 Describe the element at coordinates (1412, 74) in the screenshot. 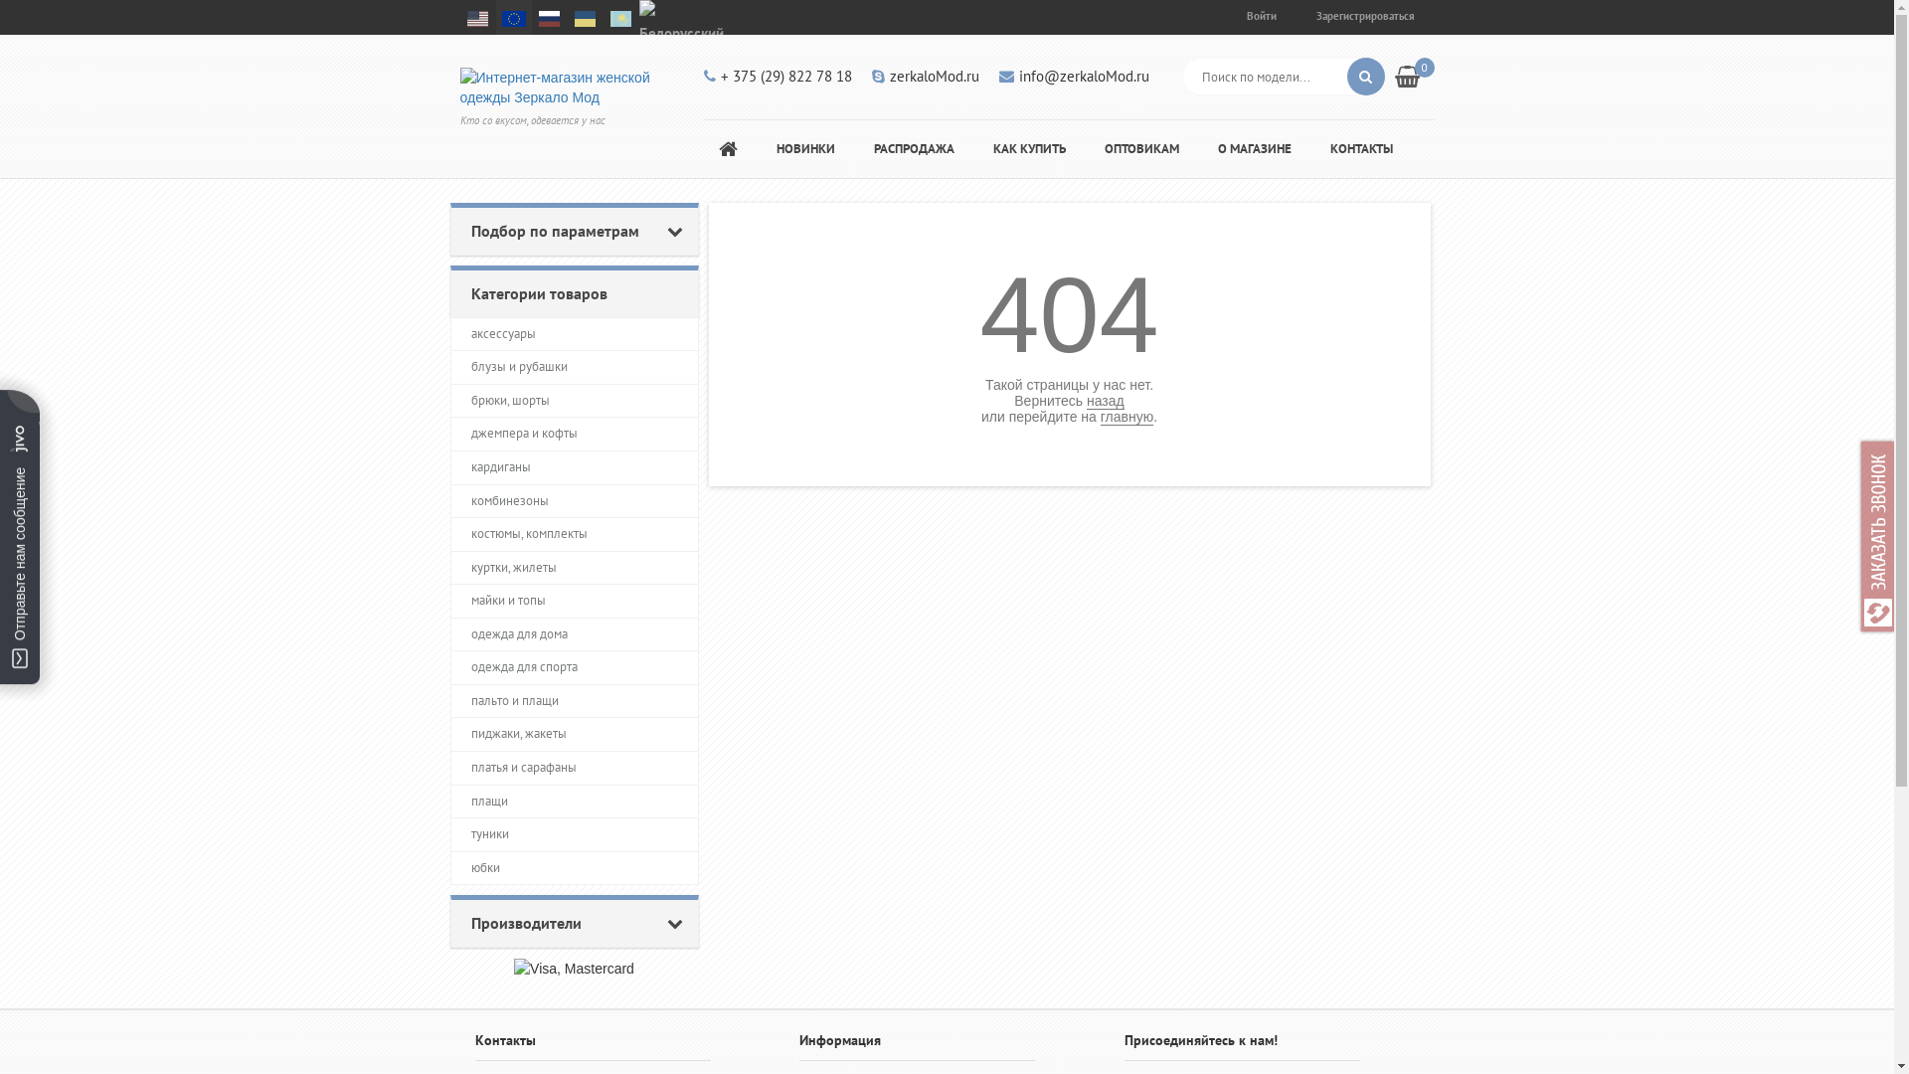

I see `'0'` at that location.